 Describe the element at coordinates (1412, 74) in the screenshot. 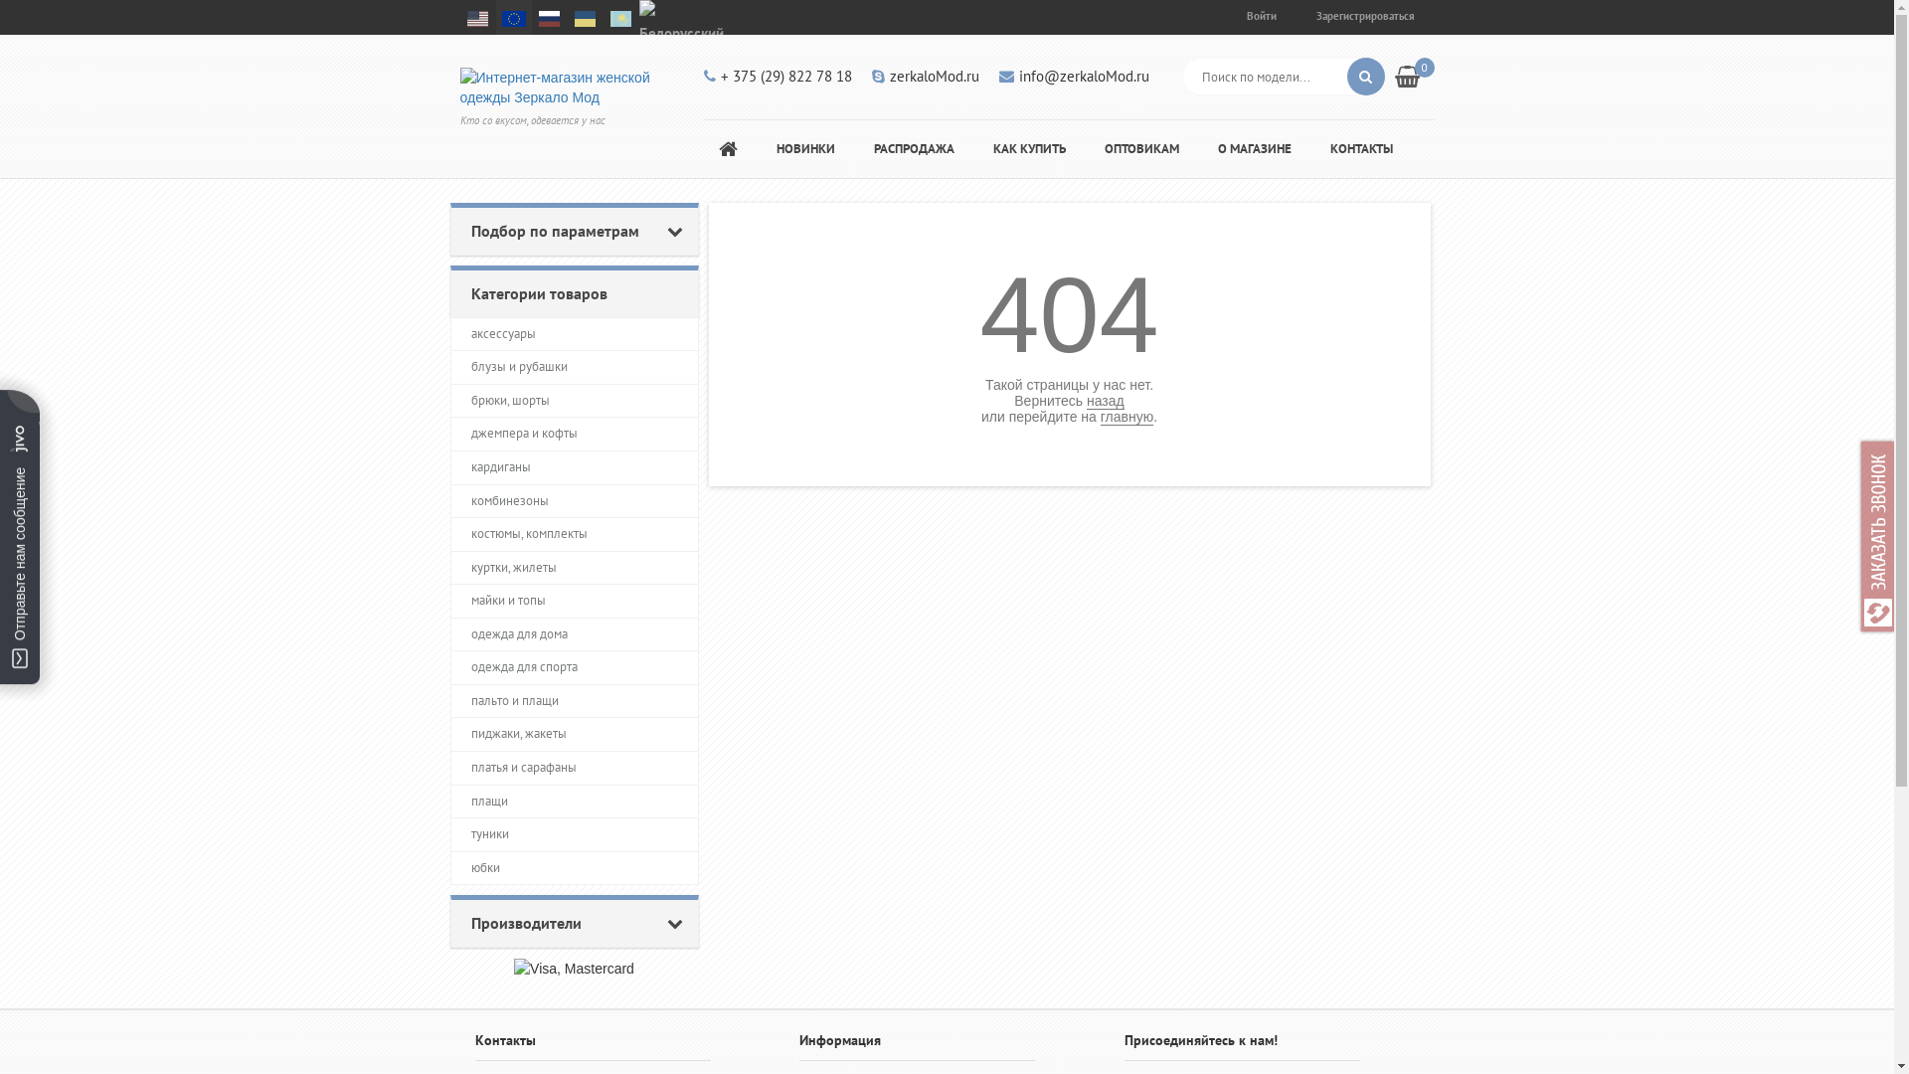

I see `'0'` at that location.